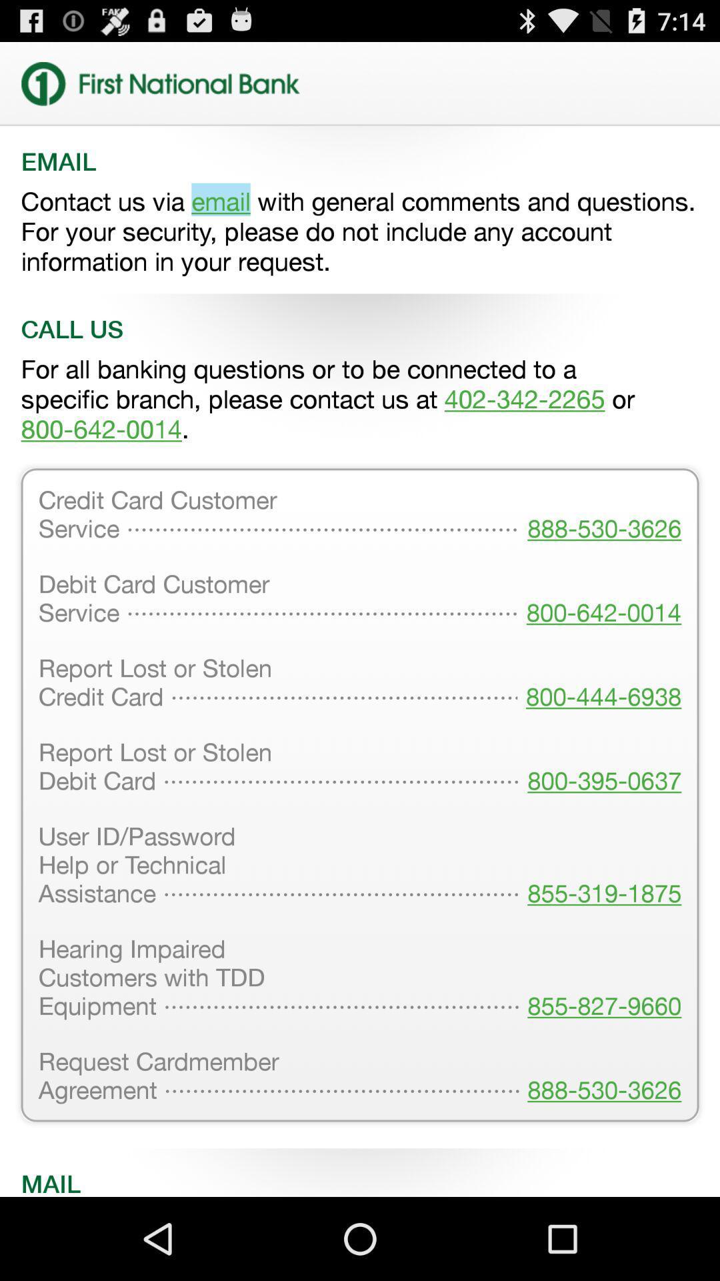 The image size is (720, 1281). What do you see at coordinates (600, 866) in the screenshot?
I see `855-319-1875` at bounding box center [600, 866].